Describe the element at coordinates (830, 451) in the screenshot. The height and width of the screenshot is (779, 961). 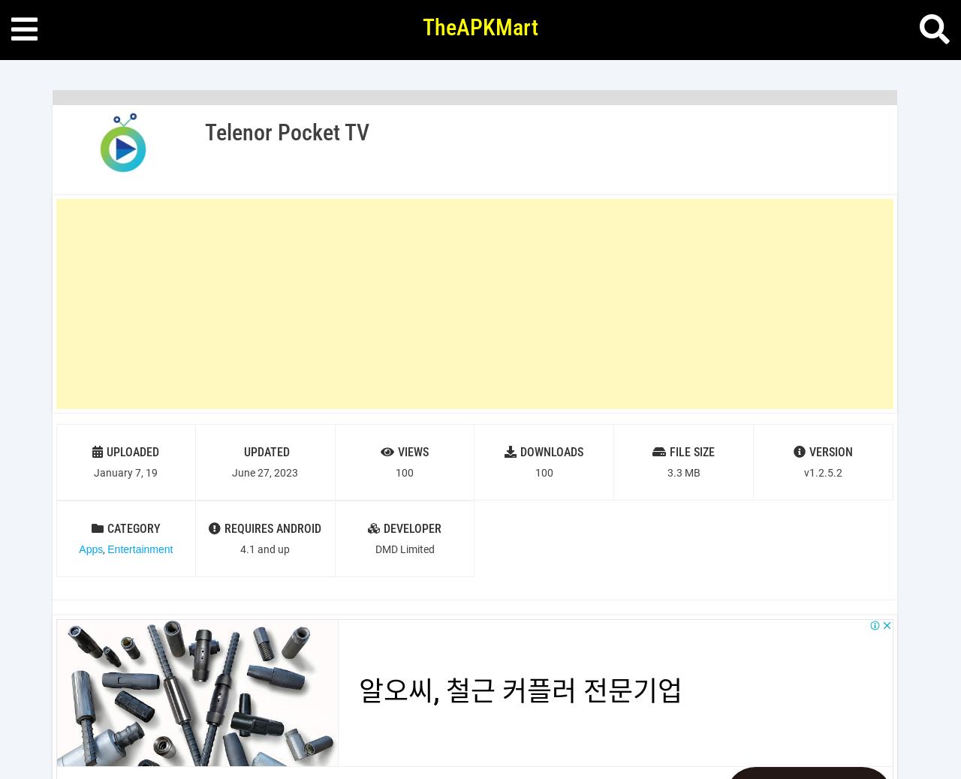
I see `'VERSION'` at that location.